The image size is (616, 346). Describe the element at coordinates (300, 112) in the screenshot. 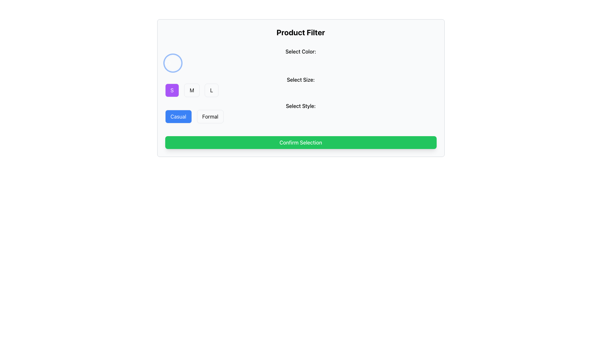

I see `the 'Casual' button in the 'Select Style' button group` at that location.